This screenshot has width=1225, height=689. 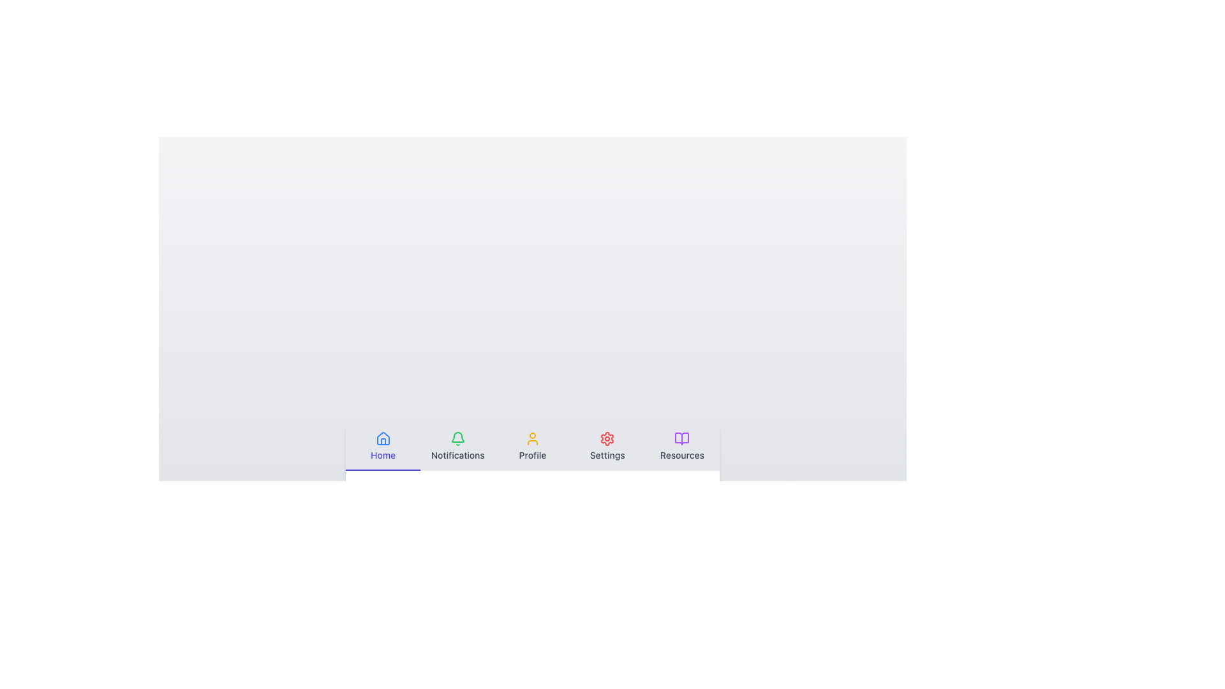 What do you see at coordinates (607, 447) in the screenshot?
I see `the fourth navigation button located at the bottom center of the interface` at bounding box center [607, 447].